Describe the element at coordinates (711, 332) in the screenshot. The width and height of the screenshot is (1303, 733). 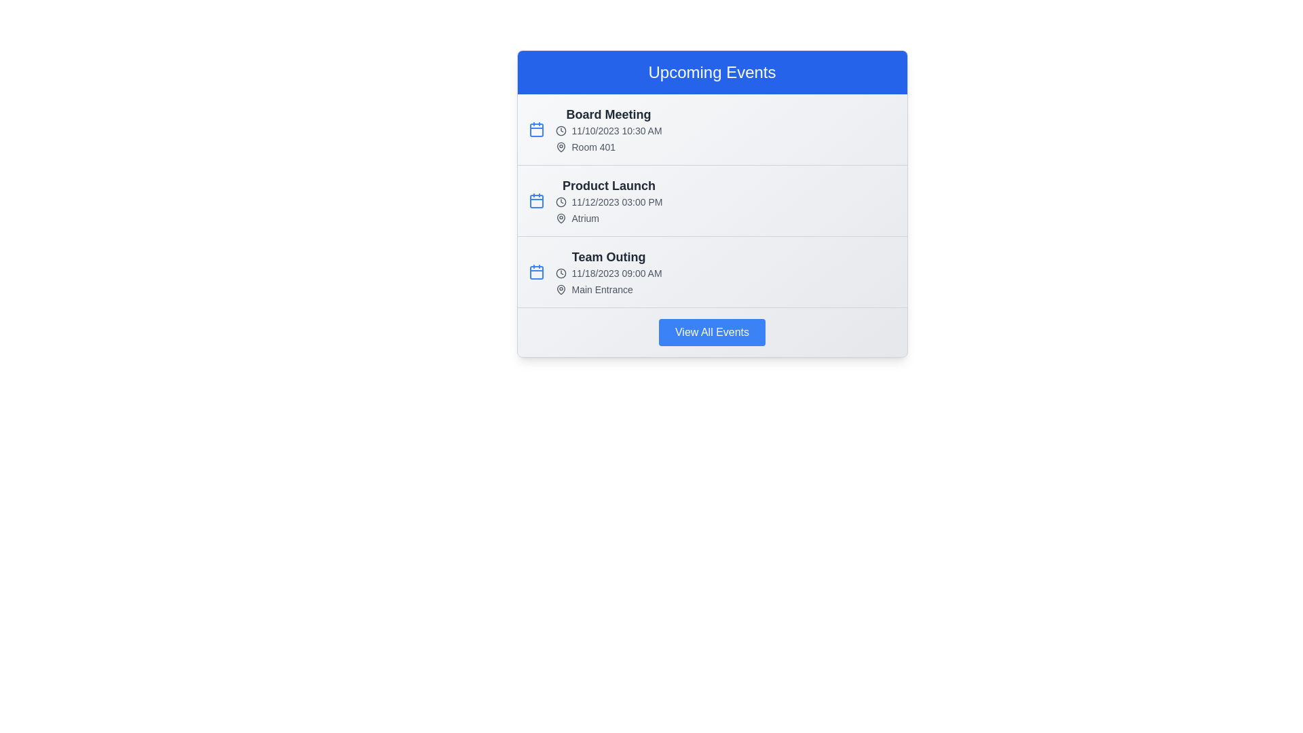
I see `the 'View All Events' button, which is a rectangular button with a blue background and white text, located at the bottom center of the 'Upcoming Events' card` at that location.